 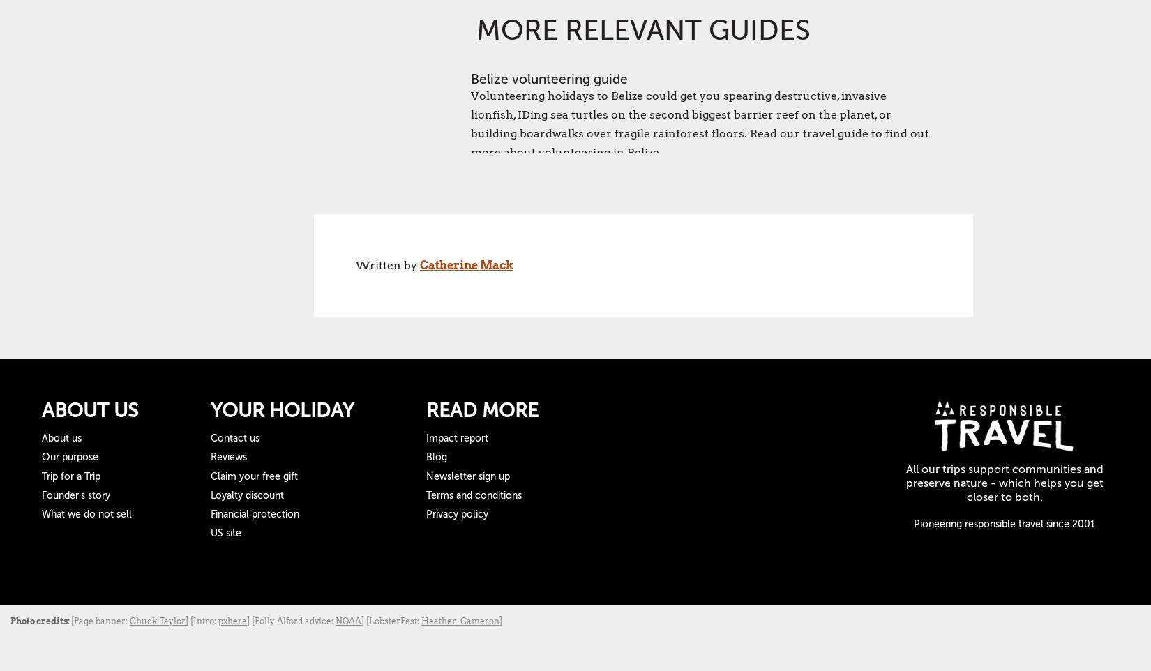 What do you see at coordinates (425, 438) in the screenshot?
I see `'Impact report'` at bounding box center [425, 438].